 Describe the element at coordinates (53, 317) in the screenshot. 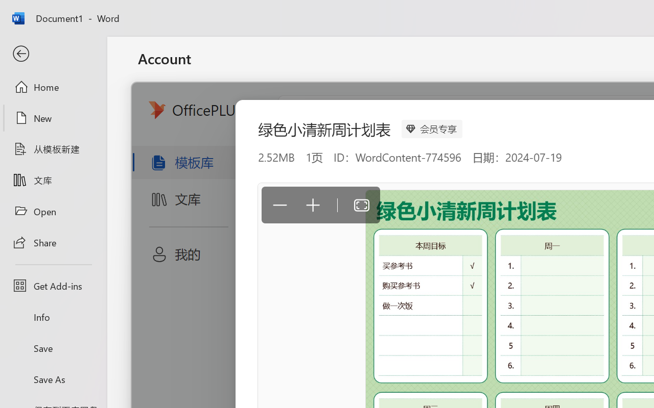

I see `'Info'` at that location.